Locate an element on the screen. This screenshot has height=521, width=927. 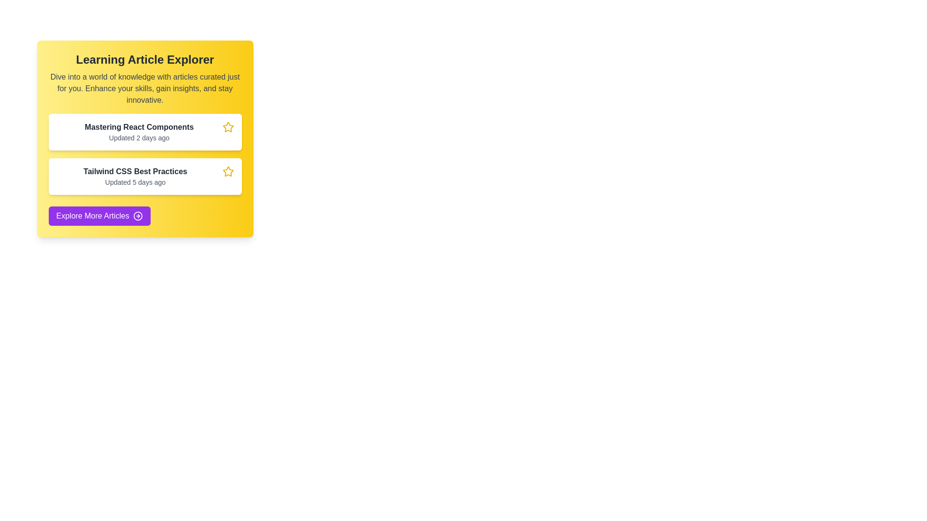
the second article entry in the yellow card labeled 'Learning Article Explorer', which displays the title and update information of the article is located at coordinates (135, 177).